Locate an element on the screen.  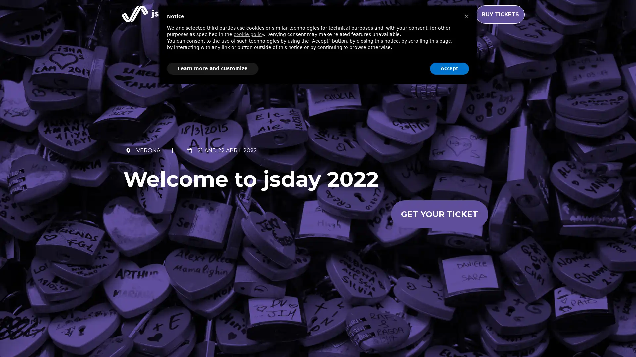
Accept is located at coordinates (450, 68).